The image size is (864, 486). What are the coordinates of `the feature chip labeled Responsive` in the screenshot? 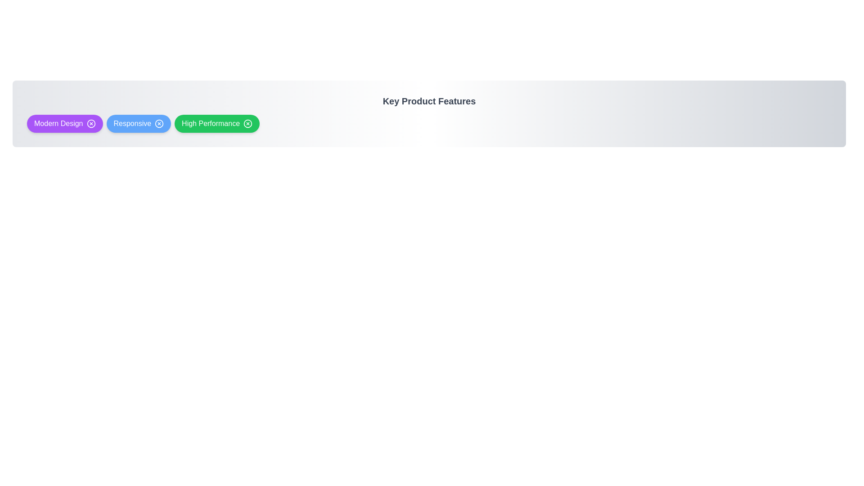 It's located at (138, 123).